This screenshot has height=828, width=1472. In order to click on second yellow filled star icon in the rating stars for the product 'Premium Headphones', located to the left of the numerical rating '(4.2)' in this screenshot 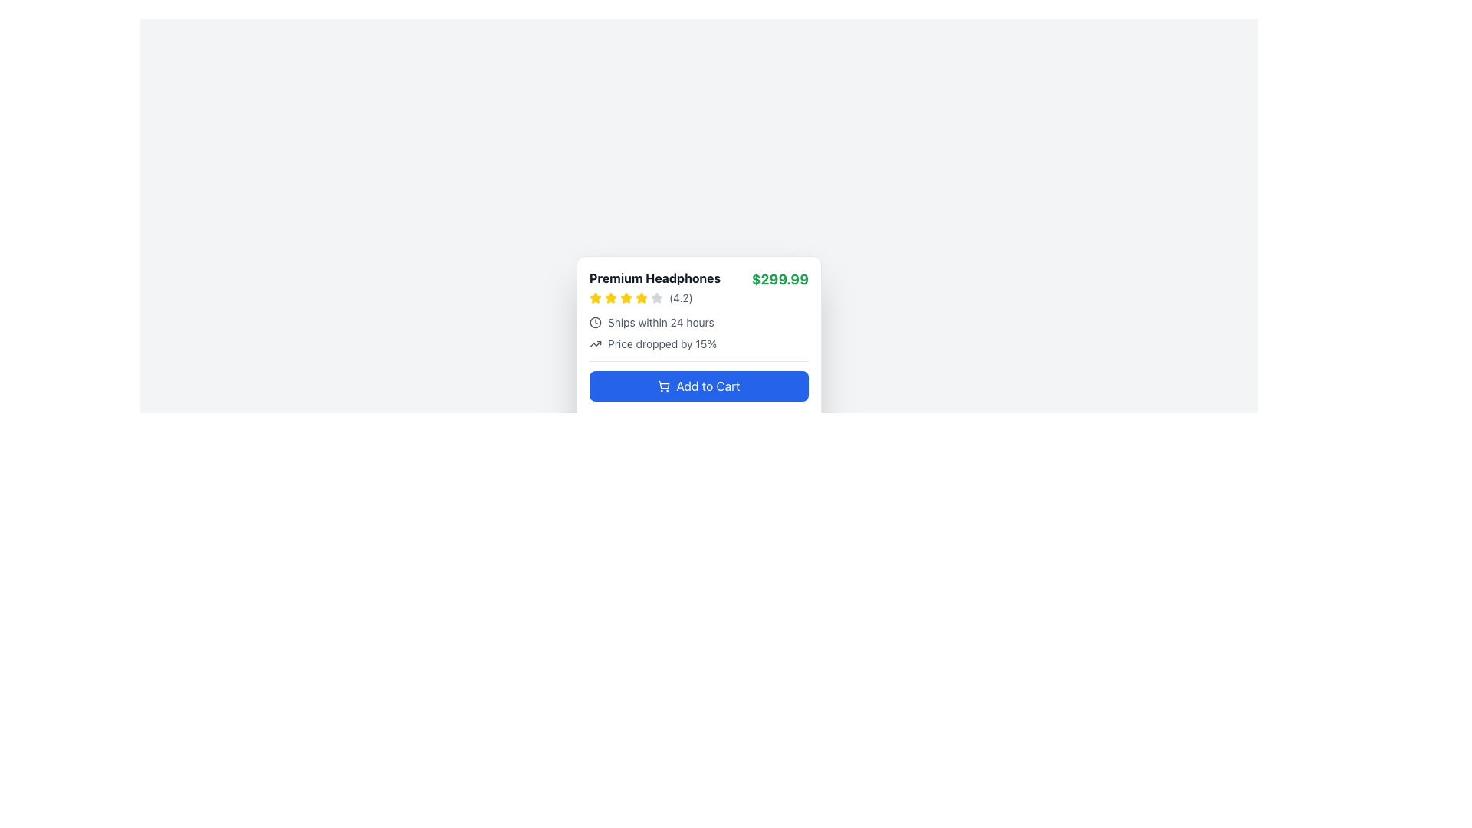, I will do `click(595, 297)`.